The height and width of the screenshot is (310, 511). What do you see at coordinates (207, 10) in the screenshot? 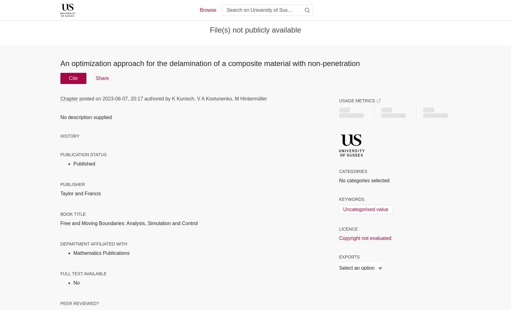
I see `'Browse'` at bounding box center [207, 10].